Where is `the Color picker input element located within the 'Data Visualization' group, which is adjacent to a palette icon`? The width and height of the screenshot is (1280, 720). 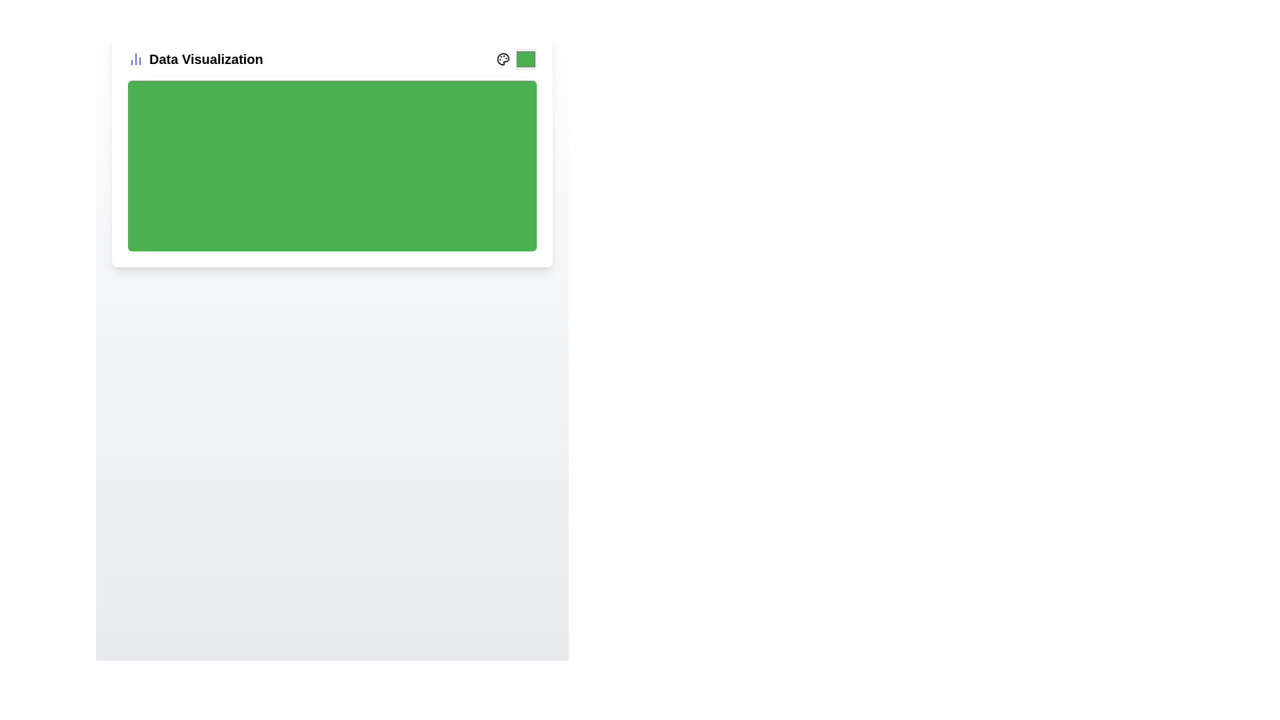 the Color picker input element located within the 'Data Visualization' group, which is adjacent to a palette icon is located at coordinates (515, 58).